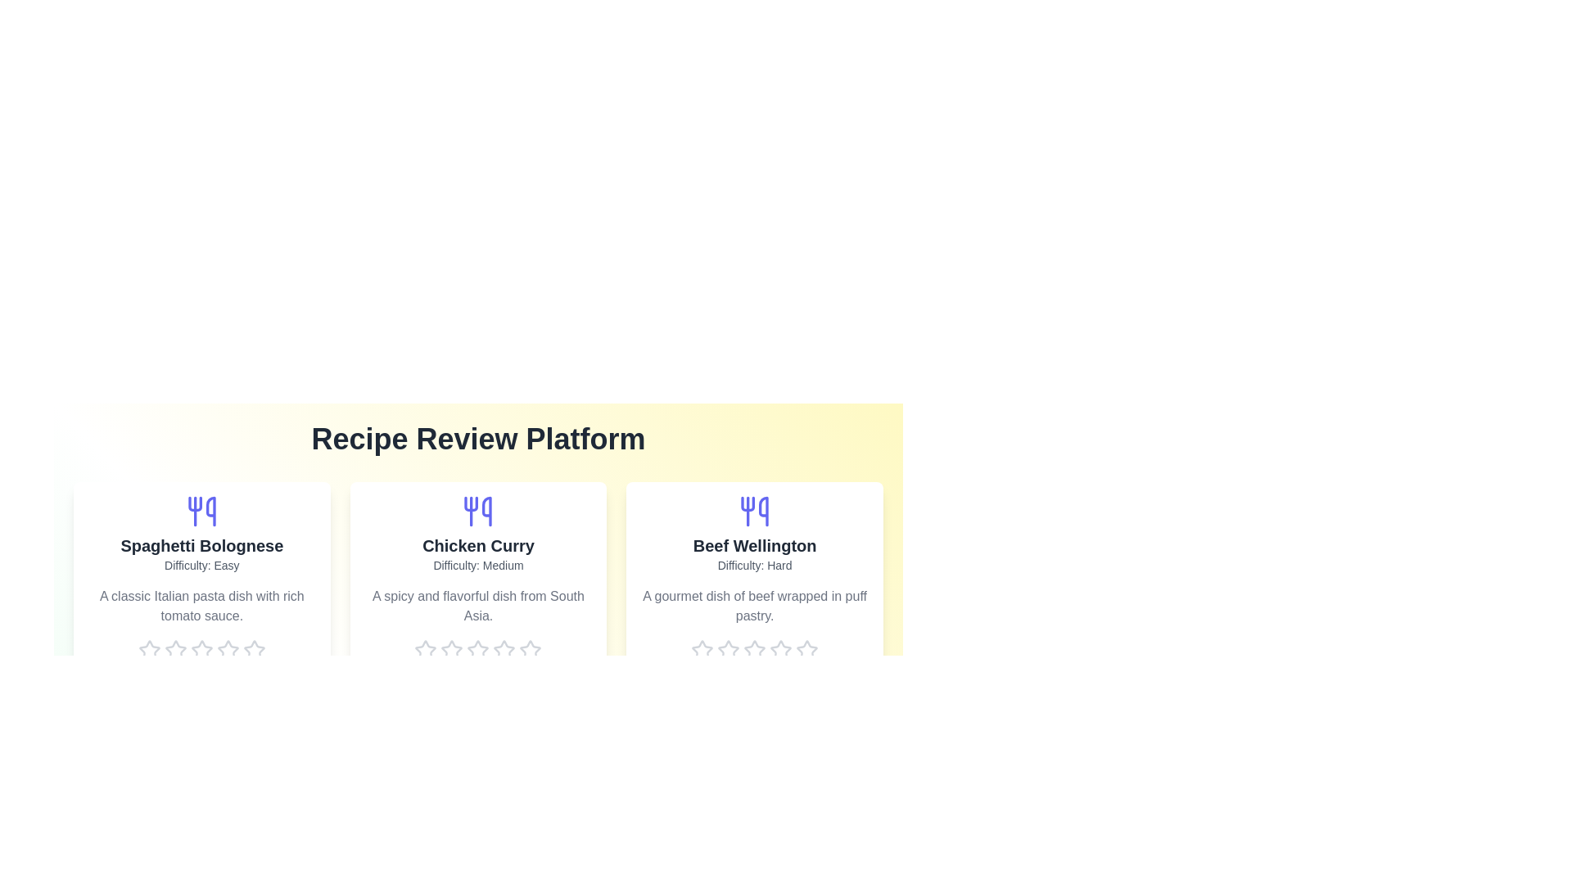 This screenshot has height=884, width=1572. I want to click on the description of the recipe Spaghetti Bolognese, so click(201, 606).